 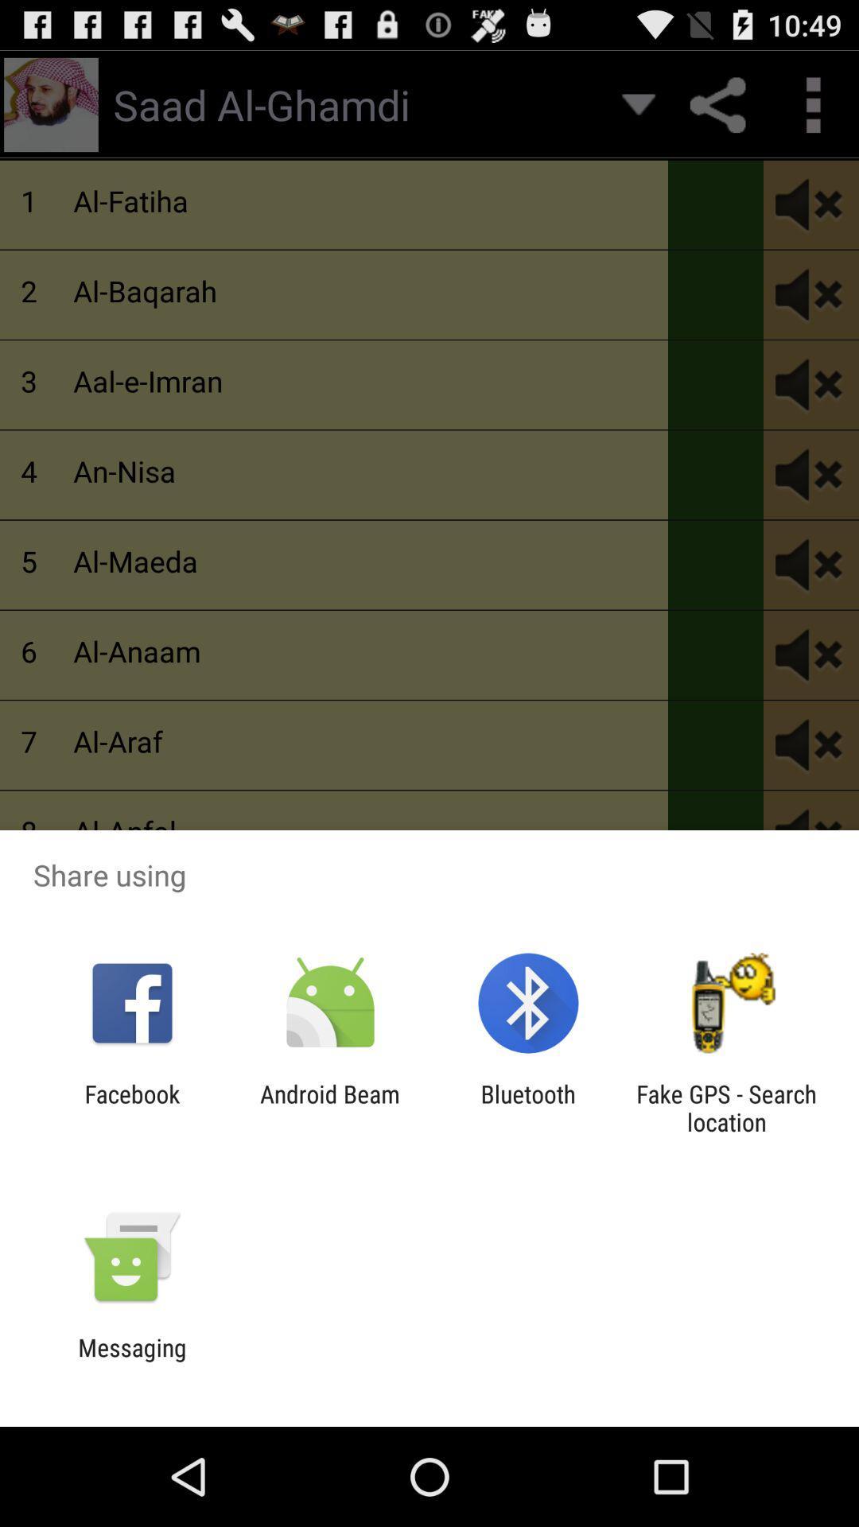 I want to click on the item at the bottom right corner, so click(x=726, y=1107).